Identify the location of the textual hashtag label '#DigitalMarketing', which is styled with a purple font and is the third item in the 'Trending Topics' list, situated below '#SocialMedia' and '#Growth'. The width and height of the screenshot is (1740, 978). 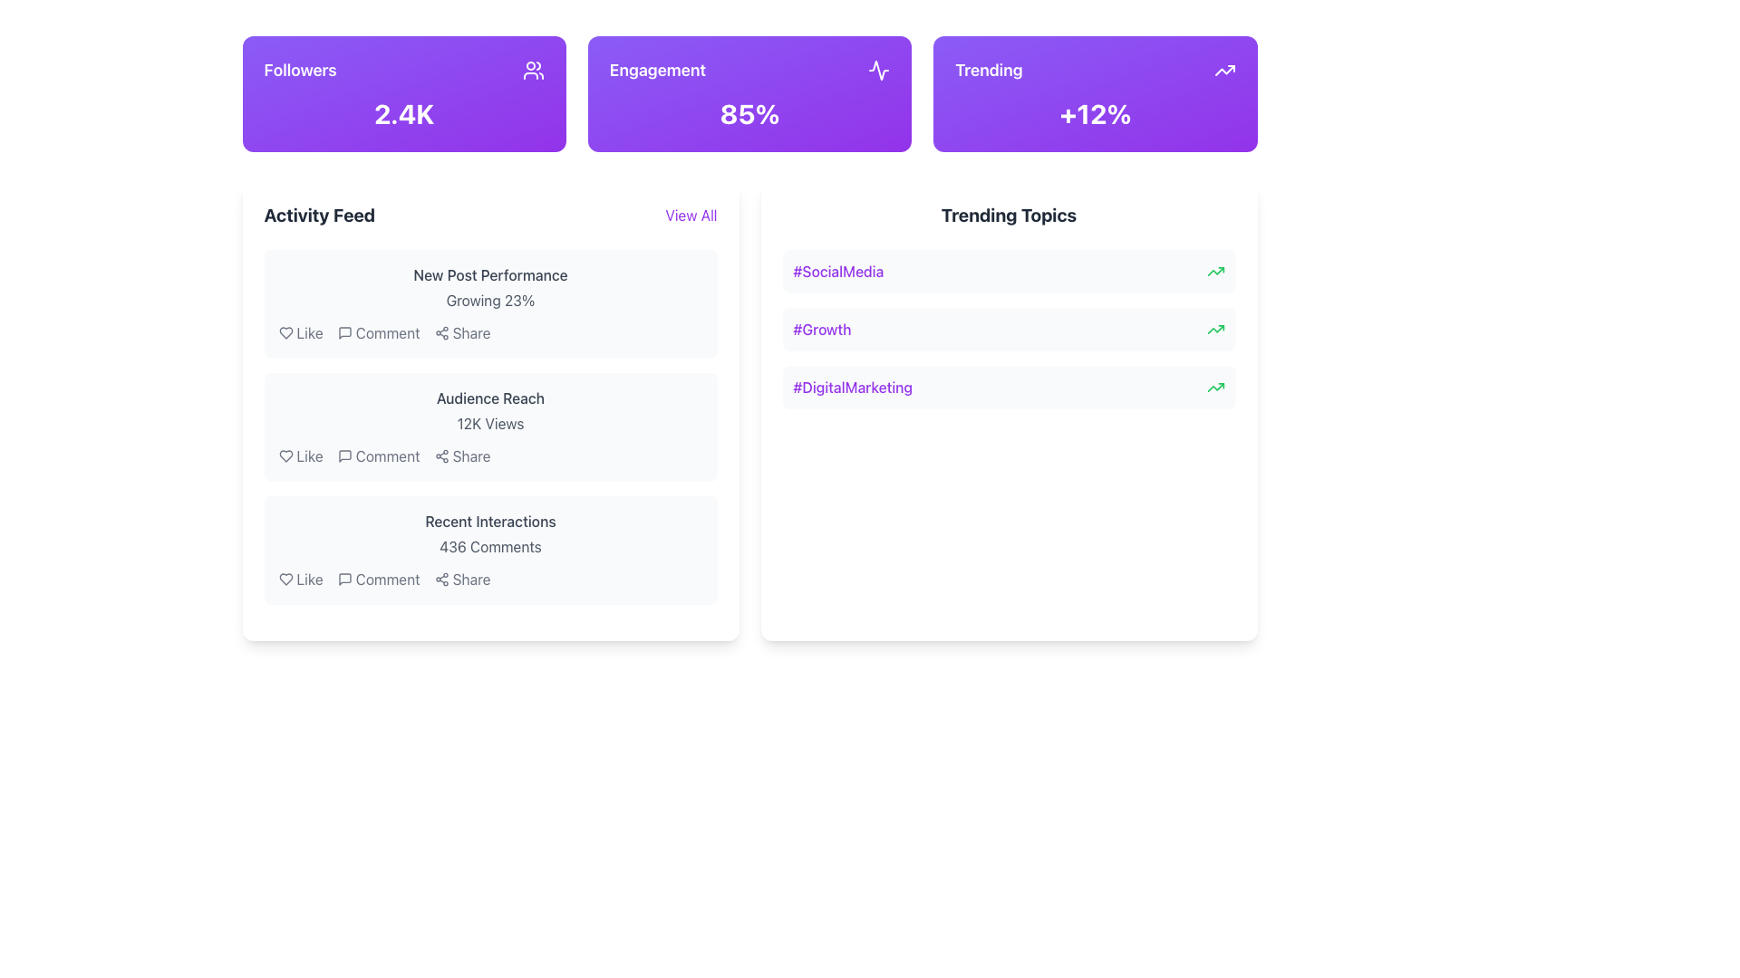
(852, 387).